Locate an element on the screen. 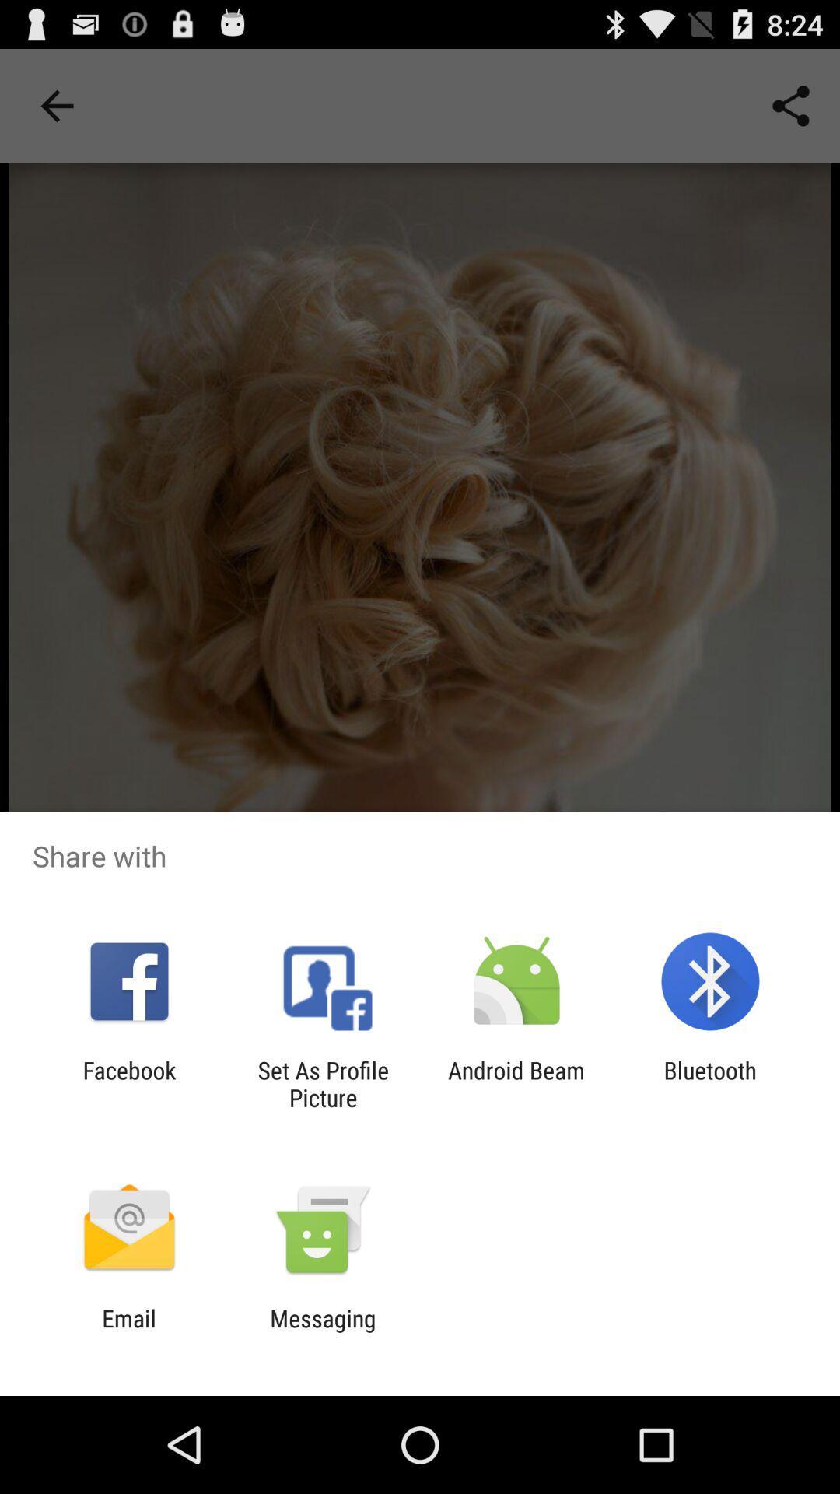  email is located at coordinates (128, 1331).